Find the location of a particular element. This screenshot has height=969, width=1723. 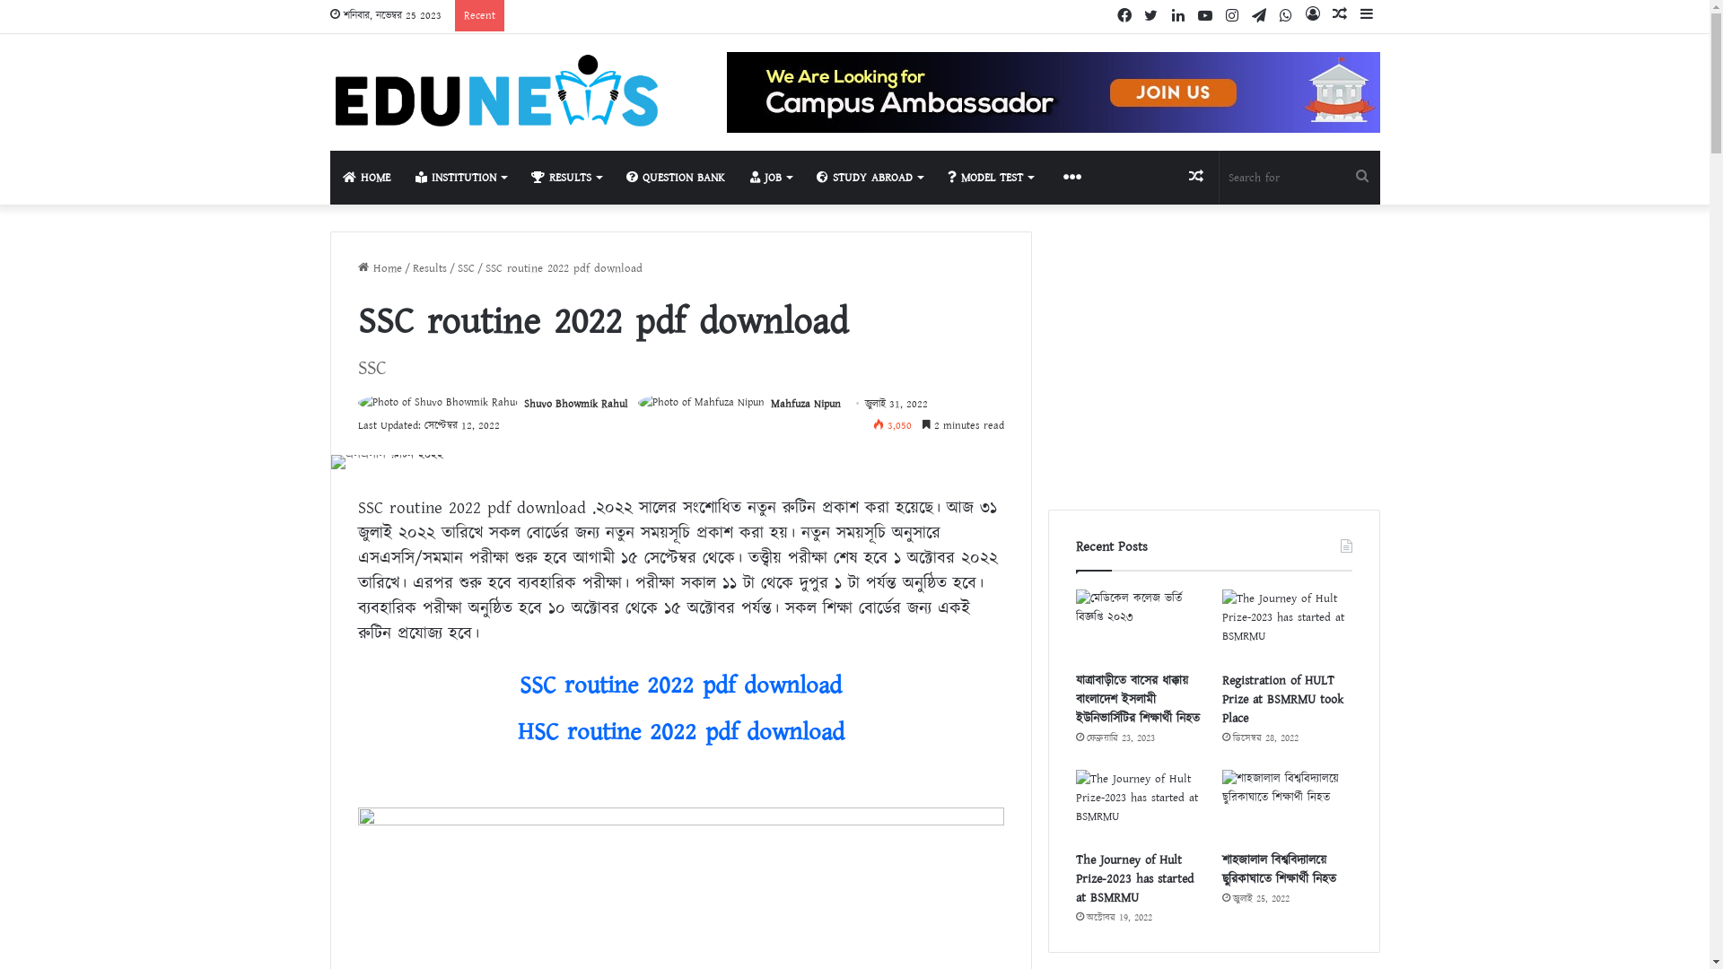

'Log In' is located at coordinates (1313, 15).